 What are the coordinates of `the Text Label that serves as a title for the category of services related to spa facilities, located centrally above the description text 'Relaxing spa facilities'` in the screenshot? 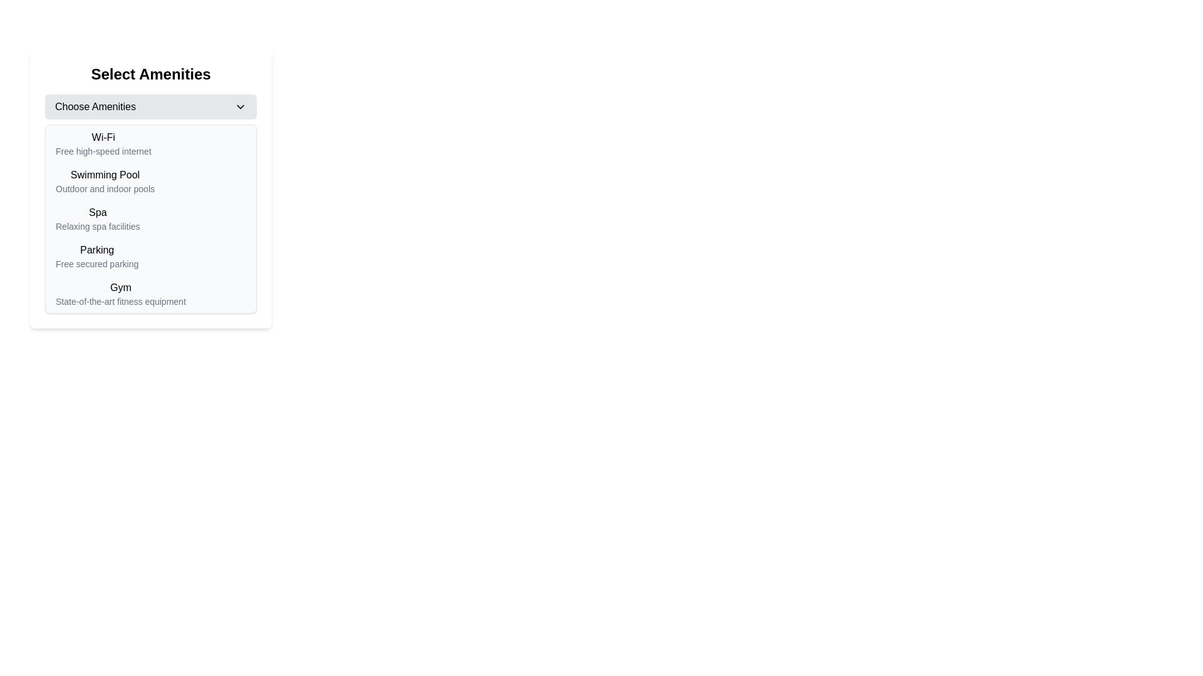 It's located at (97, 212).